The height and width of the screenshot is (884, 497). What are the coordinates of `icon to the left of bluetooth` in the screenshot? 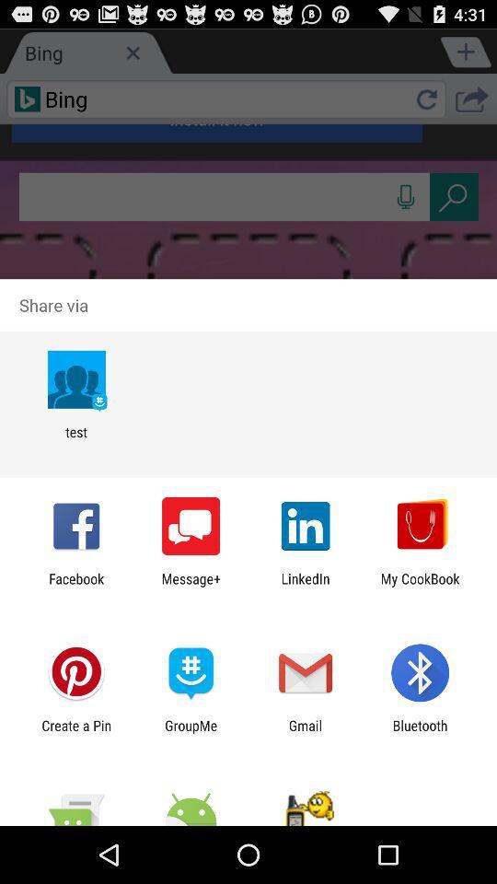 It's located at (306, 733).